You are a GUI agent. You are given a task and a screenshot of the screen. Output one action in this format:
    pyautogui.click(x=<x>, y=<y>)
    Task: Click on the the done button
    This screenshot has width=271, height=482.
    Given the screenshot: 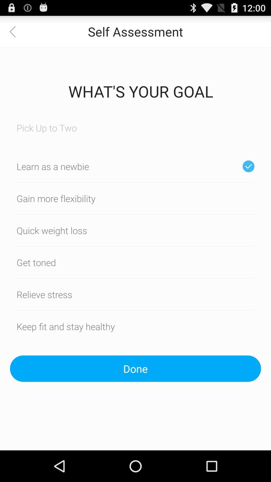 What is the action you would take?
    pyautogui.click(x=135, y=369)
    